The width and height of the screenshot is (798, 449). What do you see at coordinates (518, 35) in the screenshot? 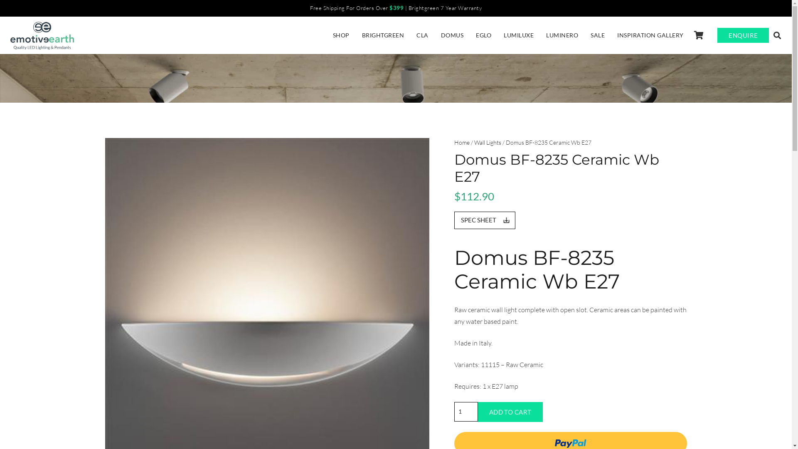
I see `'LUMILUXE'` at bounding box center [518, 35].